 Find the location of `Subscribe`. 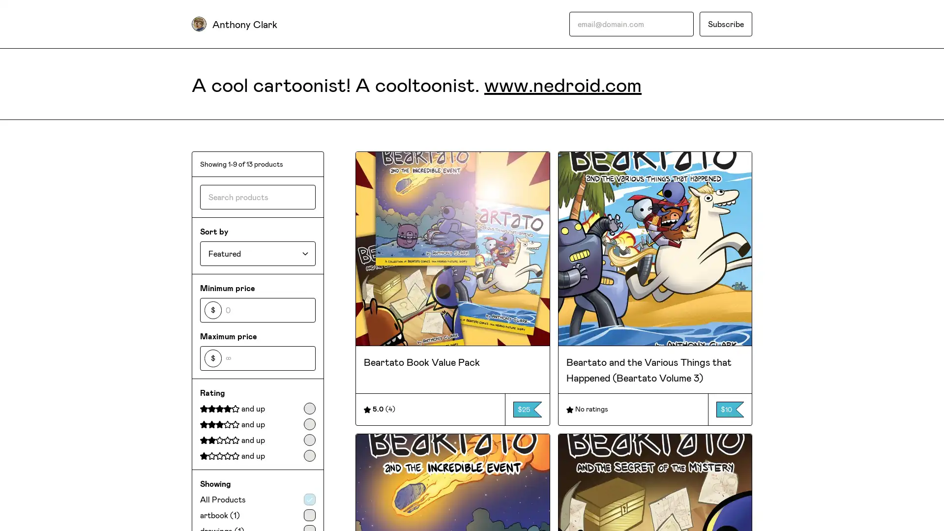

Subscribe is located at coordinates (726, 24).